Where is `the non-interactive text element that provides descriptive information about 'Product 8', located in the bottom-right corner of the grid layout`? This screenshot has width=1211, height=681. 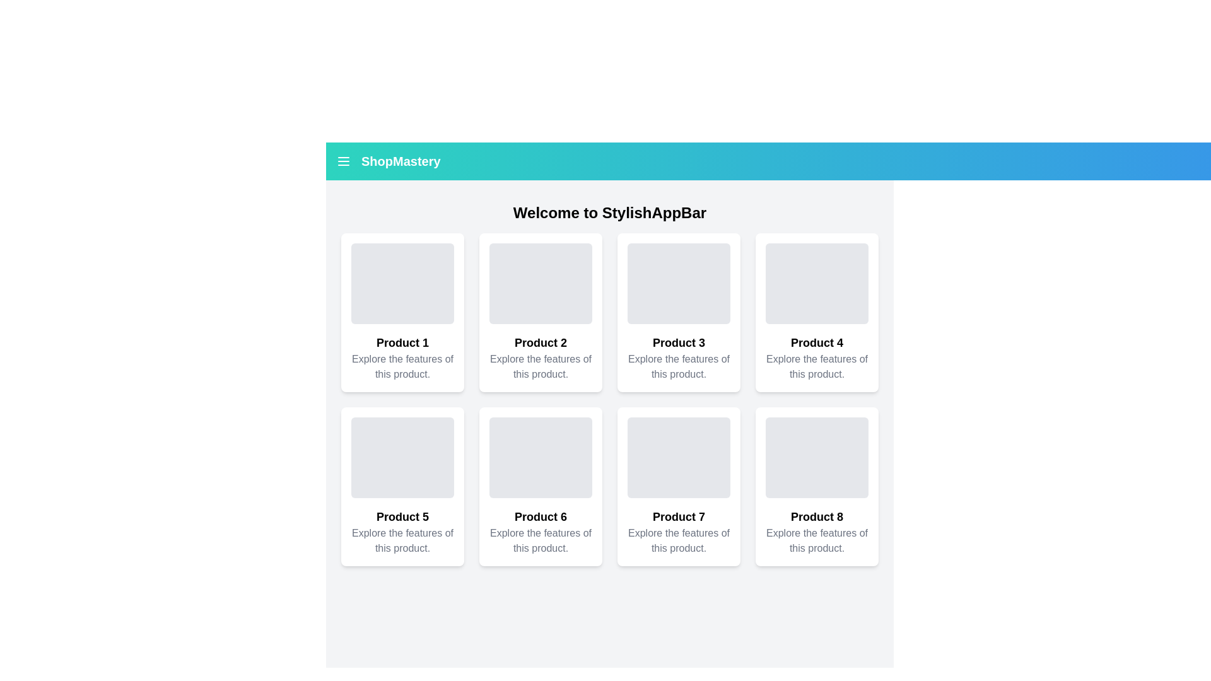
the non-interactive text element that provides descriptive information about 'Product 8', located in the bottom-right corner of the grid layout is located at coordinates (817, 540).